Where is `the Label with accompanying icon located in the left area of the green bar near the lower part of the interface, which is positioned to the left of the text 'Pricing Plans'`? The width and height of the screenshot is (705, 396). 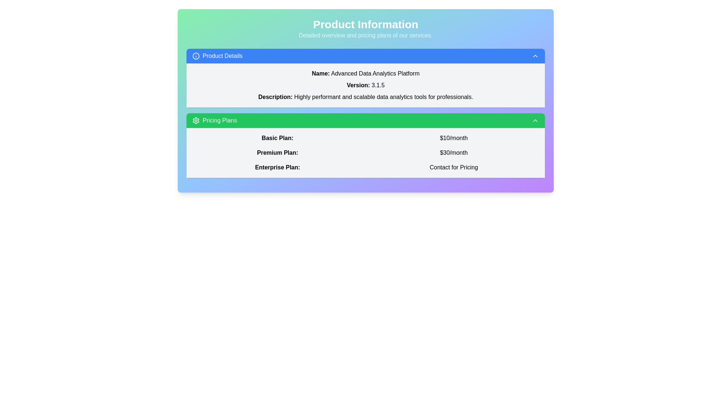
the Label with accompanying icon located in the left area of the green bar near the lower part of the interface, which is positioned to the left of the text 'Pricing Plans' is located at coordinates (214, 120).